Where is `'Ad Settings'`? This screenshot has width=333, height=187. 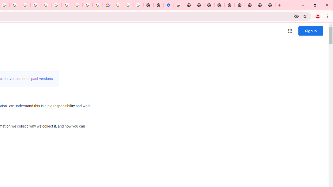
'Ad Settings' is located at coordinates (35, 5).